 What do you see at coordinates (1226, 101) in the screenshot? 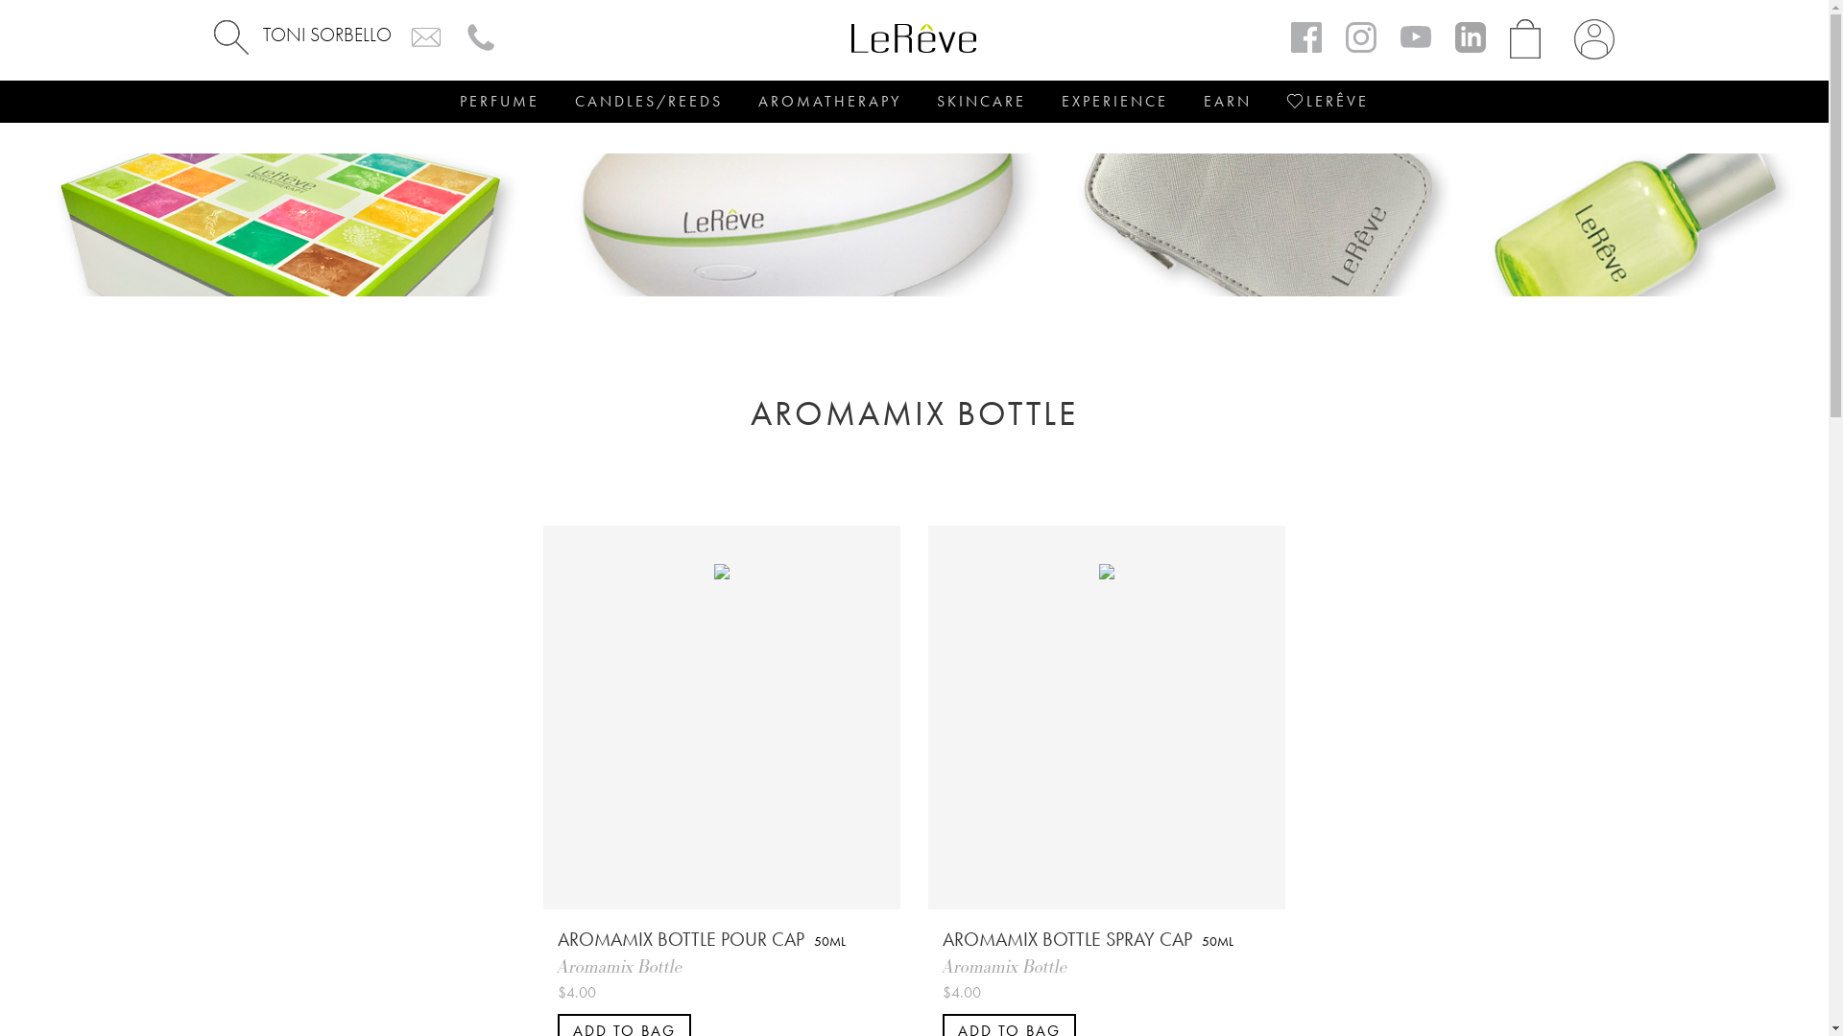
I see `'EARN'` at bounding box center [1226, 101].